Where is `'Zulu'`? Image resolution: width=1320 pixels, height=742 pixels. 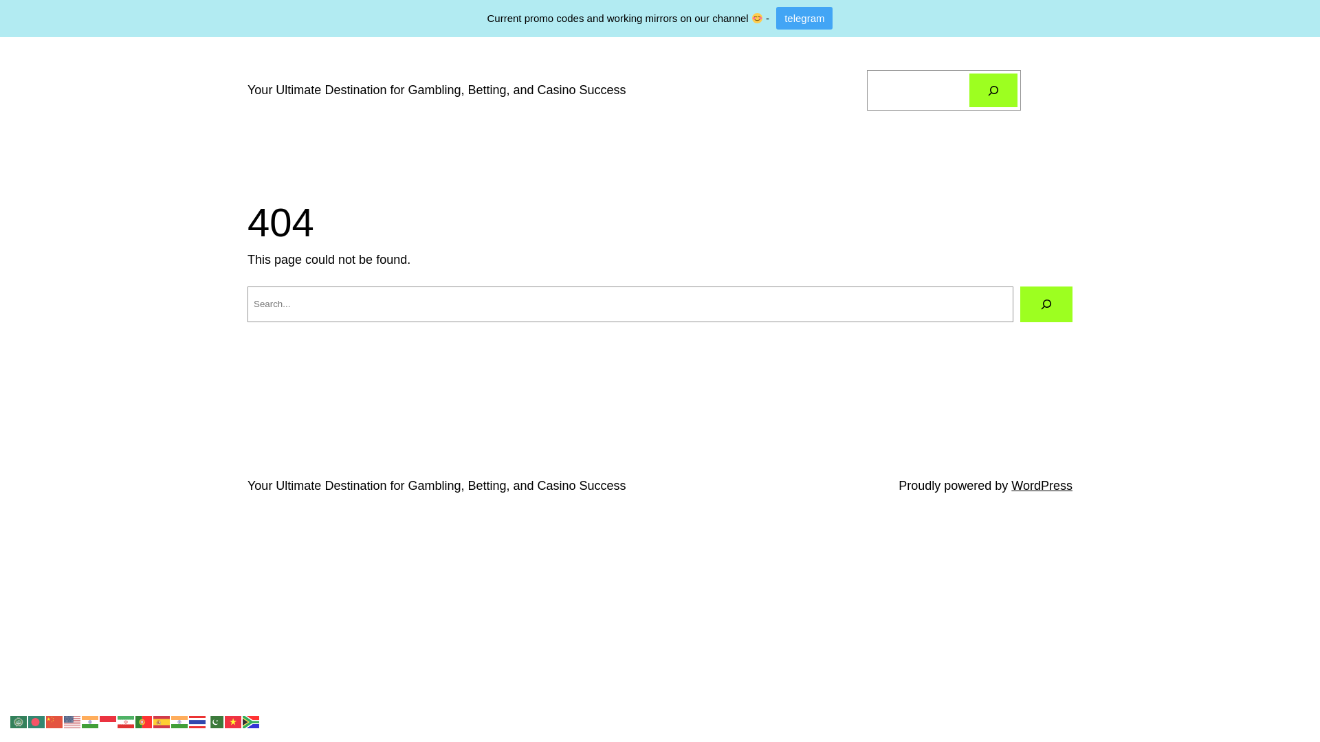
'Zulu' is located at coordinates (251, 720).